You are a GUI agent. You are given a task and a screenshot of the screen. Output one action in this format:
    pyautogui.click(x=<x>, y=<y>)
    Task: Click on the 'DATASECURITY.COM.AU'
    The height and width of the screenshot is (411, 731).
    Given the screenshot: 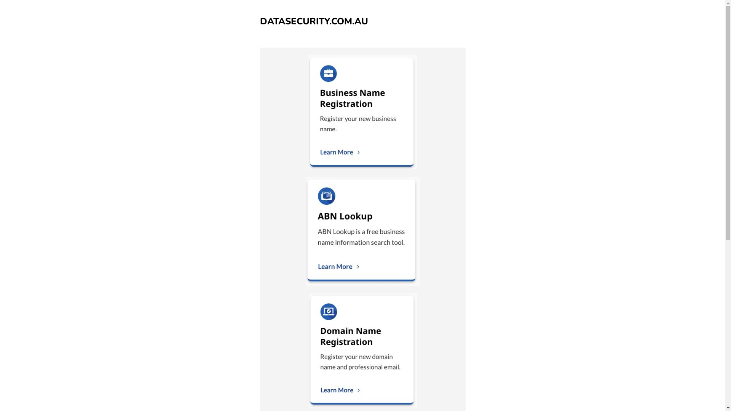 What is the action you would take?
    pyautogui.click(x=259, y=21)
    